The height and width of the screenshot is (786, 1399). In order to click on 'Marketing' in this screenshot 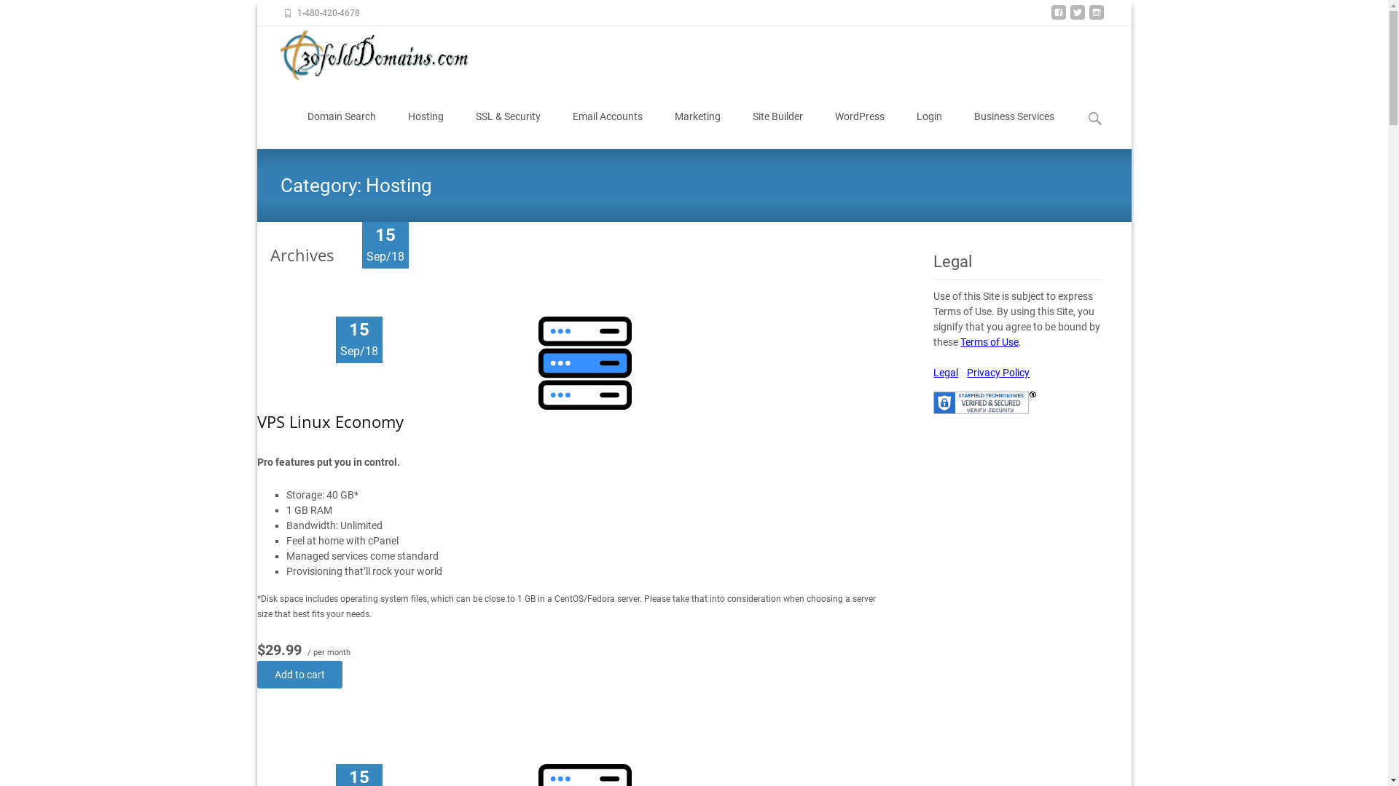, I will do `click(697, 115)`.